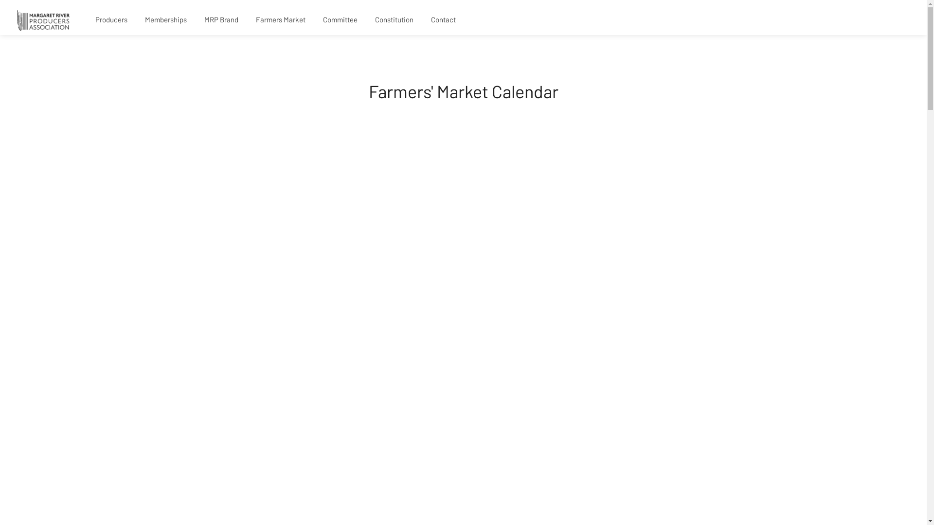  What do you see at coordinates (340, 20) in the screenshot?
I see `'Committee'` at bounding box center [340, 20].